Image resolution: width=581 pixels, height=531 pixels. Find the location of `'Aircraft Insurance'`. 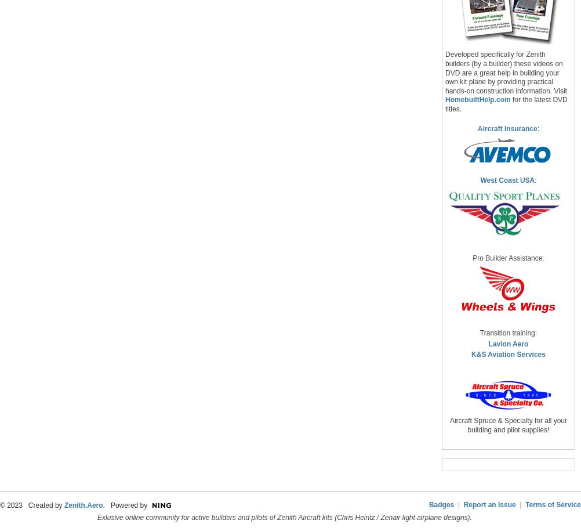

'Aircraft Insurance' is located at coordinates (507, 128).